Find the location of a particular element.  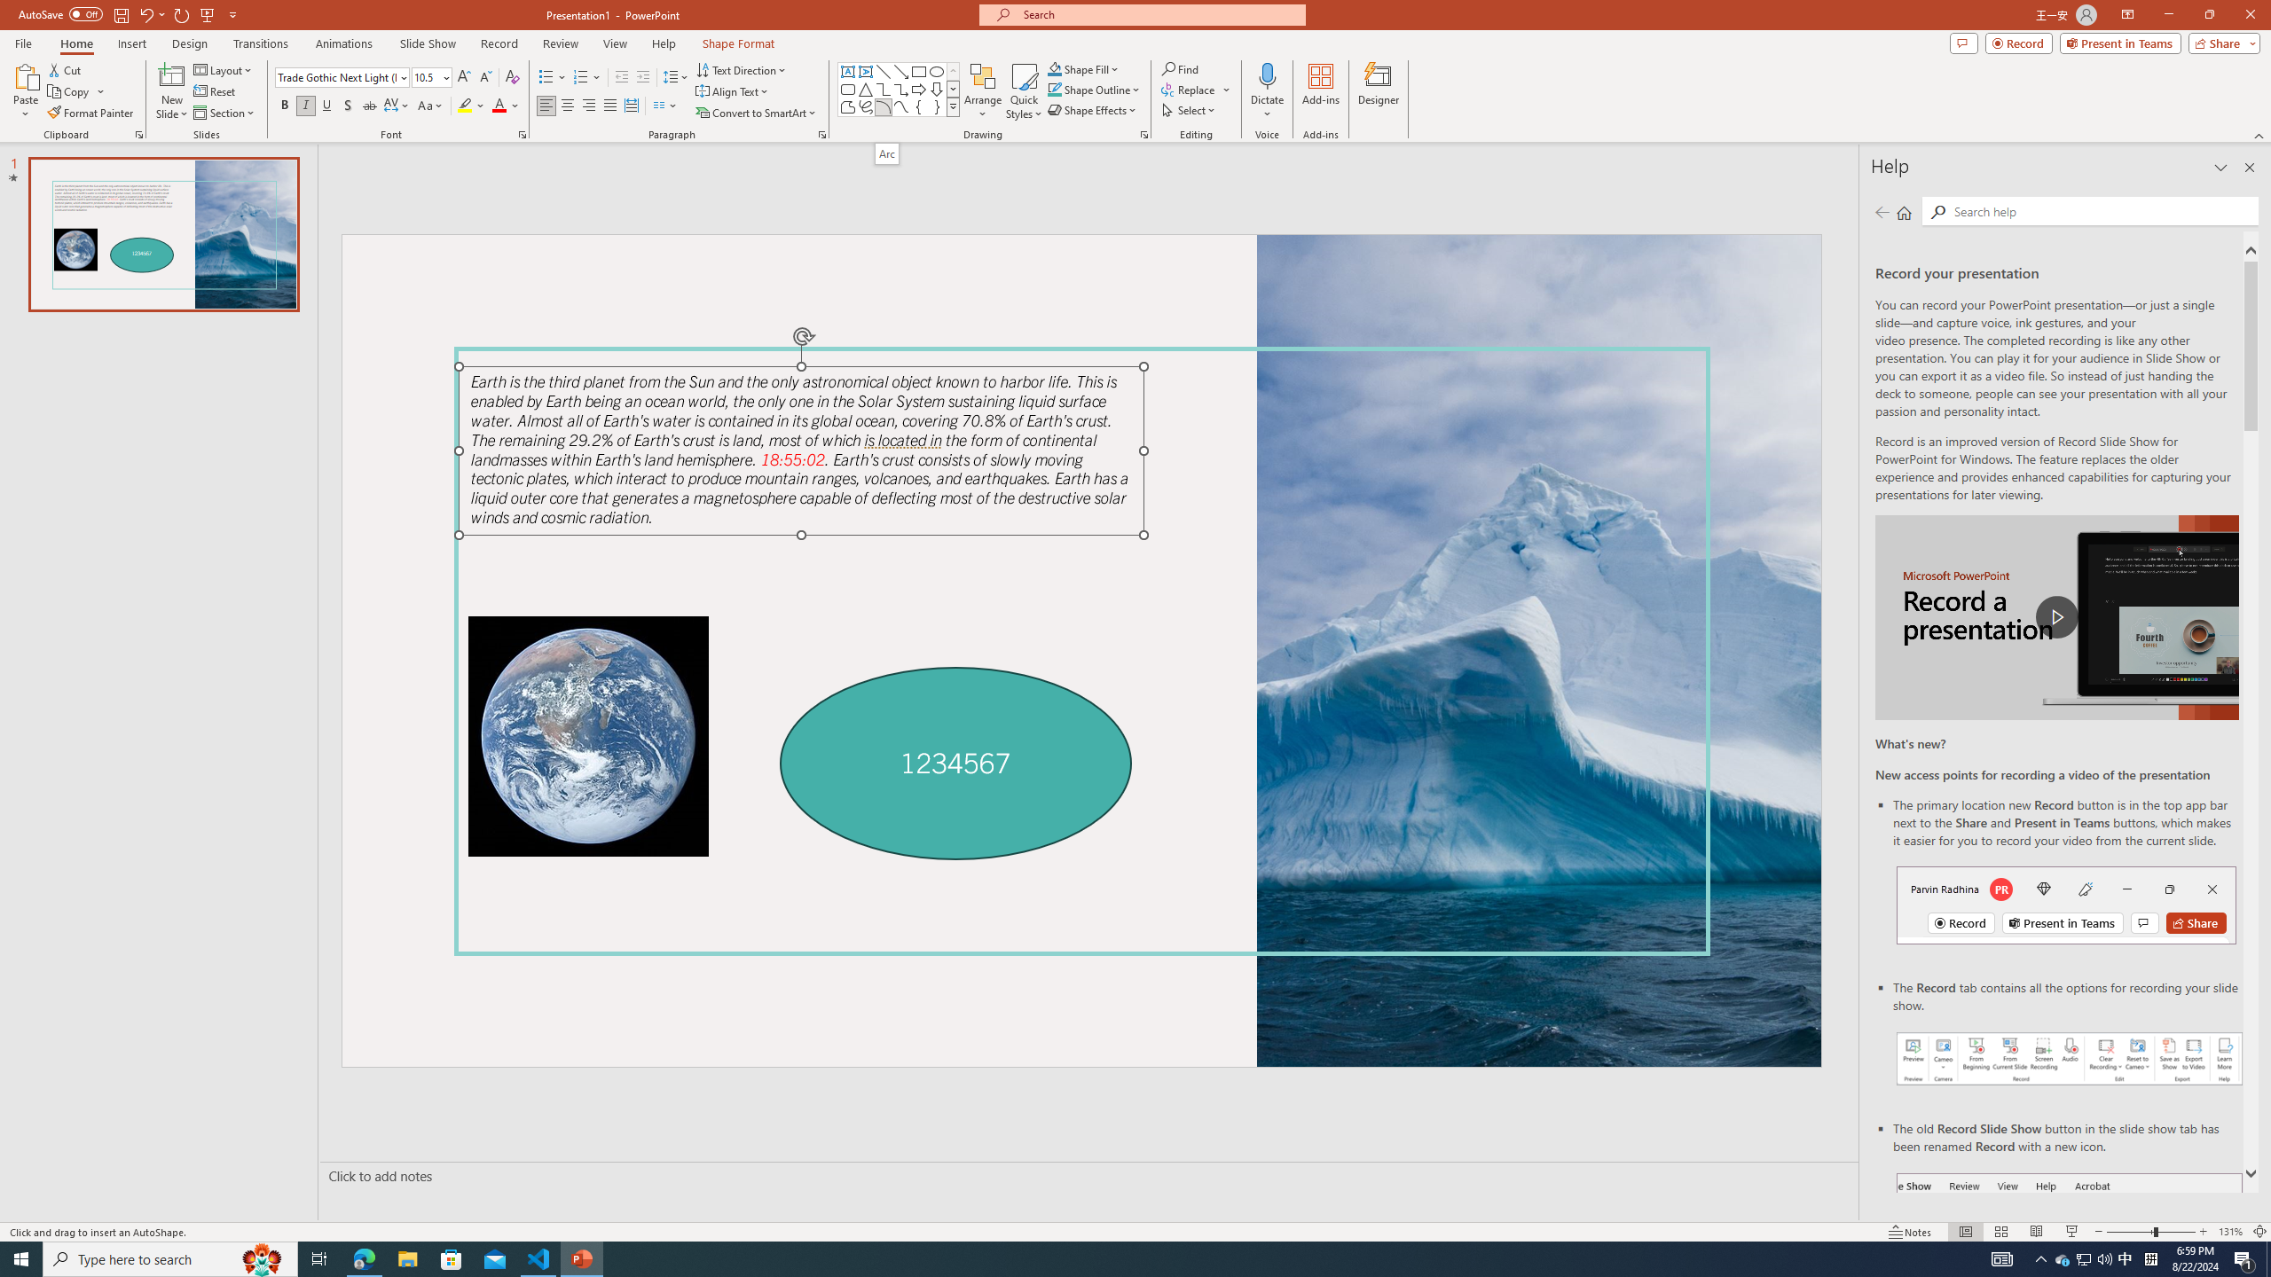

'Shape Outline Teal, Accent 1' is located at coordinates (1055, 88).